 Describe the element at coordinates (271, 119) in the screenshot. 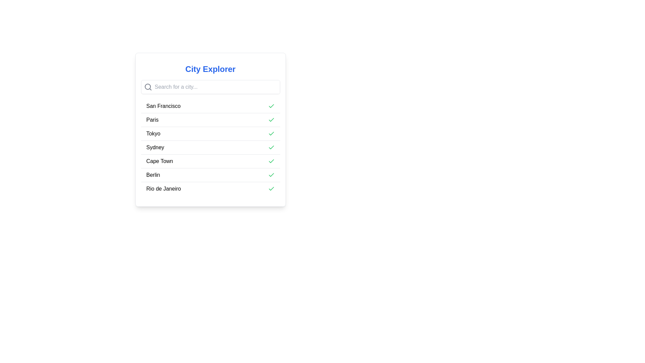

I see `the green checkmark icon located adjacent to the text 'Paris', which indicates confirmation or selection` at that location.